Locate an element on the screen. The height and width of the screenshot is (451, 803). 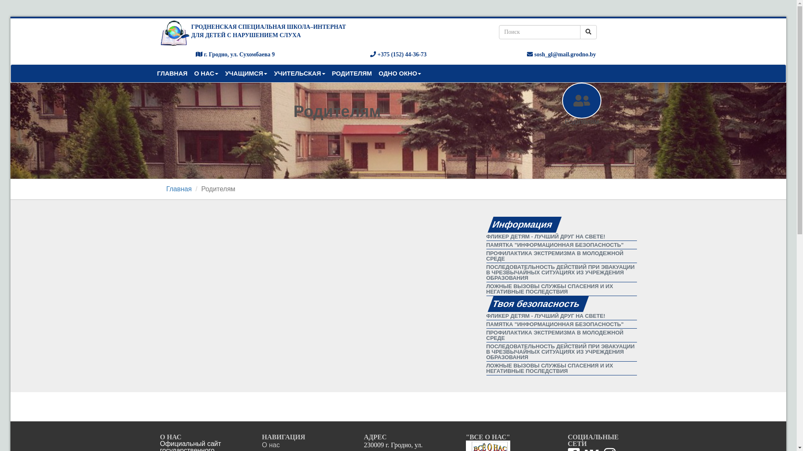
'+375 (152) 44-36-73' is located at coordinates (398, 54).